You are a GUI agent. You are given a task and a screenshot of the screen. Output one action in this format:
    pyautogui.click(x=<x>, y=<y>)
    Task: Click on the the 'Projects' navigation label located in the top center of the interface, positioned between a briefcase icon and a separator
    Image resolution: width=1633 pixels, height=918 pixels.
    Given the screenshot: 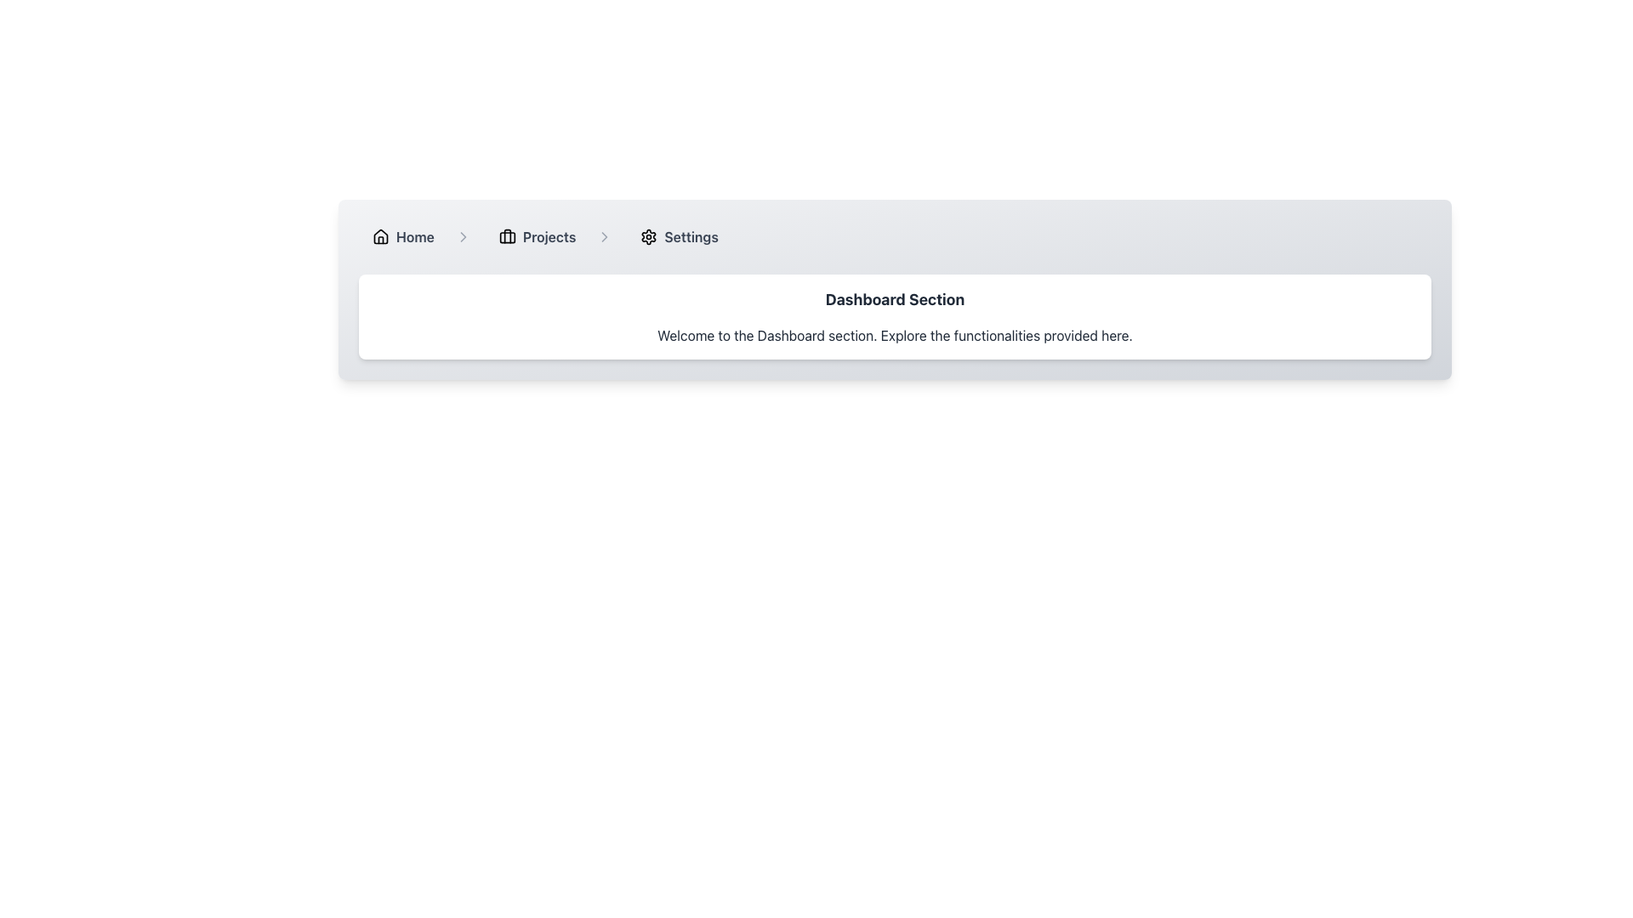 What is the action you would take?
    pyautogui.click(x=549, y=236)
    